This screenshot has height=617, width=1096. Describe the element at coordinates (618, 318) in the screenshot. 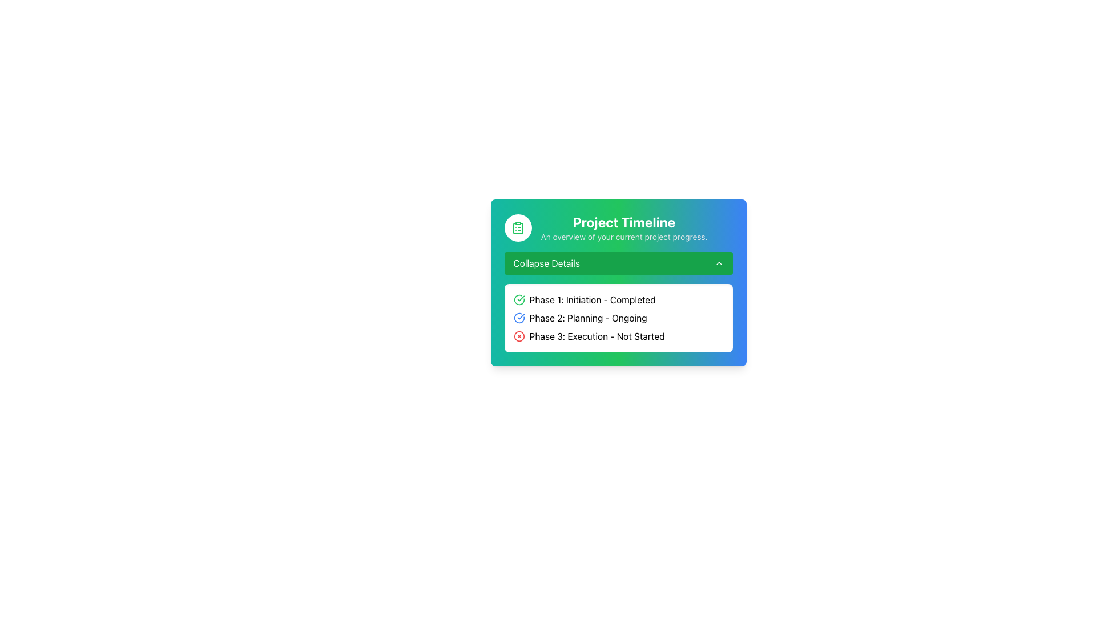

I see `the text block containing project phases to use the information for decision-making` at that location.